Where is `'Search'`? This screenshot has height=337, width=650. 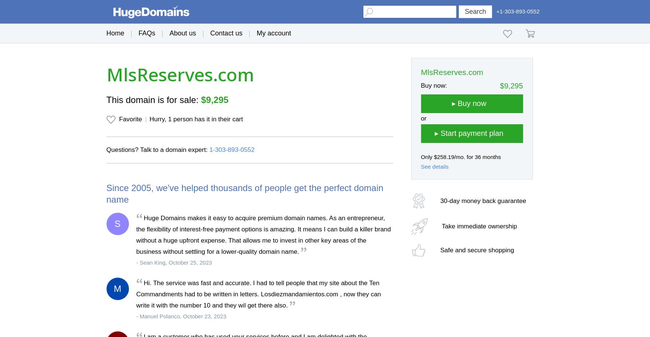 'Search' is located at coordinates (475, 11).